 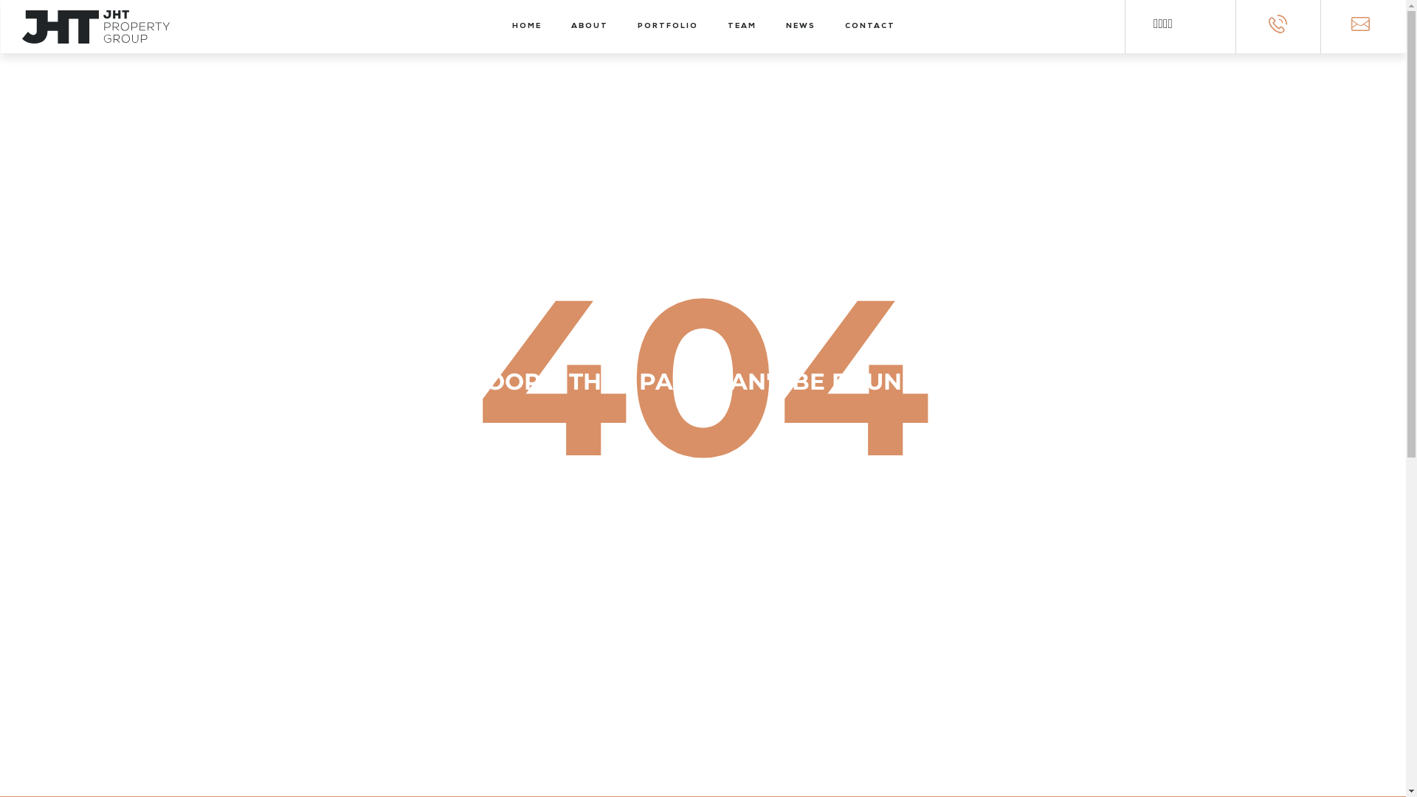 I want to click on 'ABOUT', so click(x=570, y=26).